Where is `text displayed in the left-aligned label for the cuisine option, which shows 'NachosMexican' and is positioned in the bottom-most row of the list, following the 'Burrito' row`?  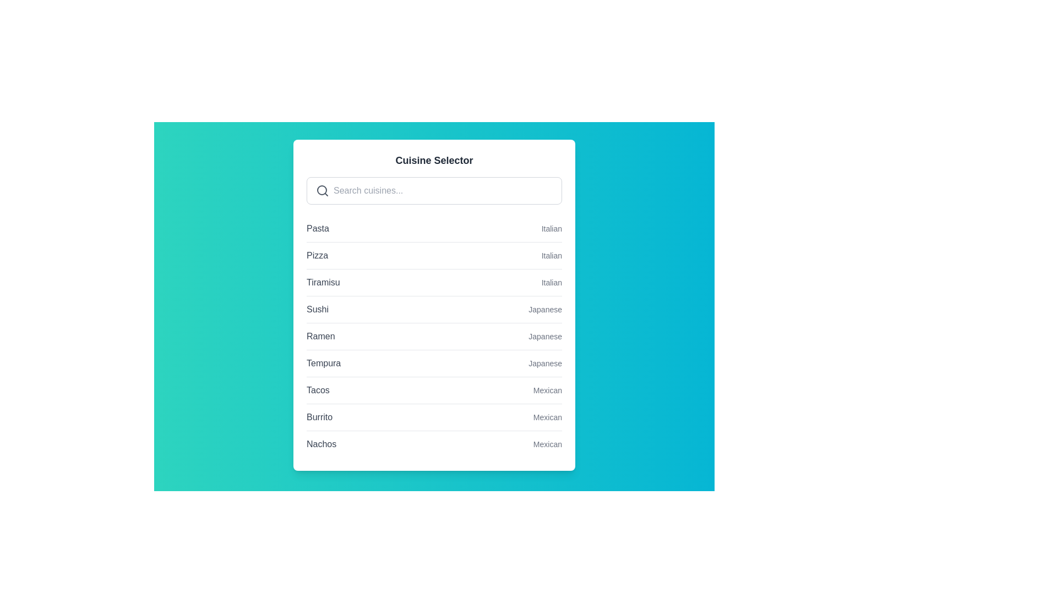
text displayed in the left-aligned label for the cuisine option, which shows 'NachosMexican' and is positioned in the bottom-most row of the list, following the 'Burrito' row is located at coordinates (321, 443).